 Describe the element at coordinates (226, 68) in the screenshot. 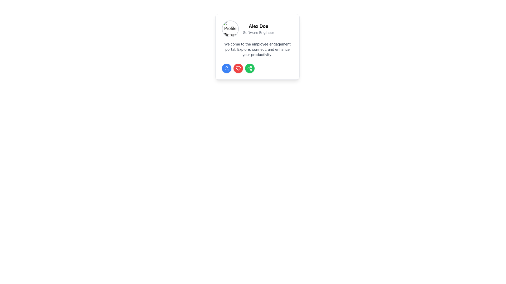

I see `the user profile icon at the bottom left of the card layout` at that location.